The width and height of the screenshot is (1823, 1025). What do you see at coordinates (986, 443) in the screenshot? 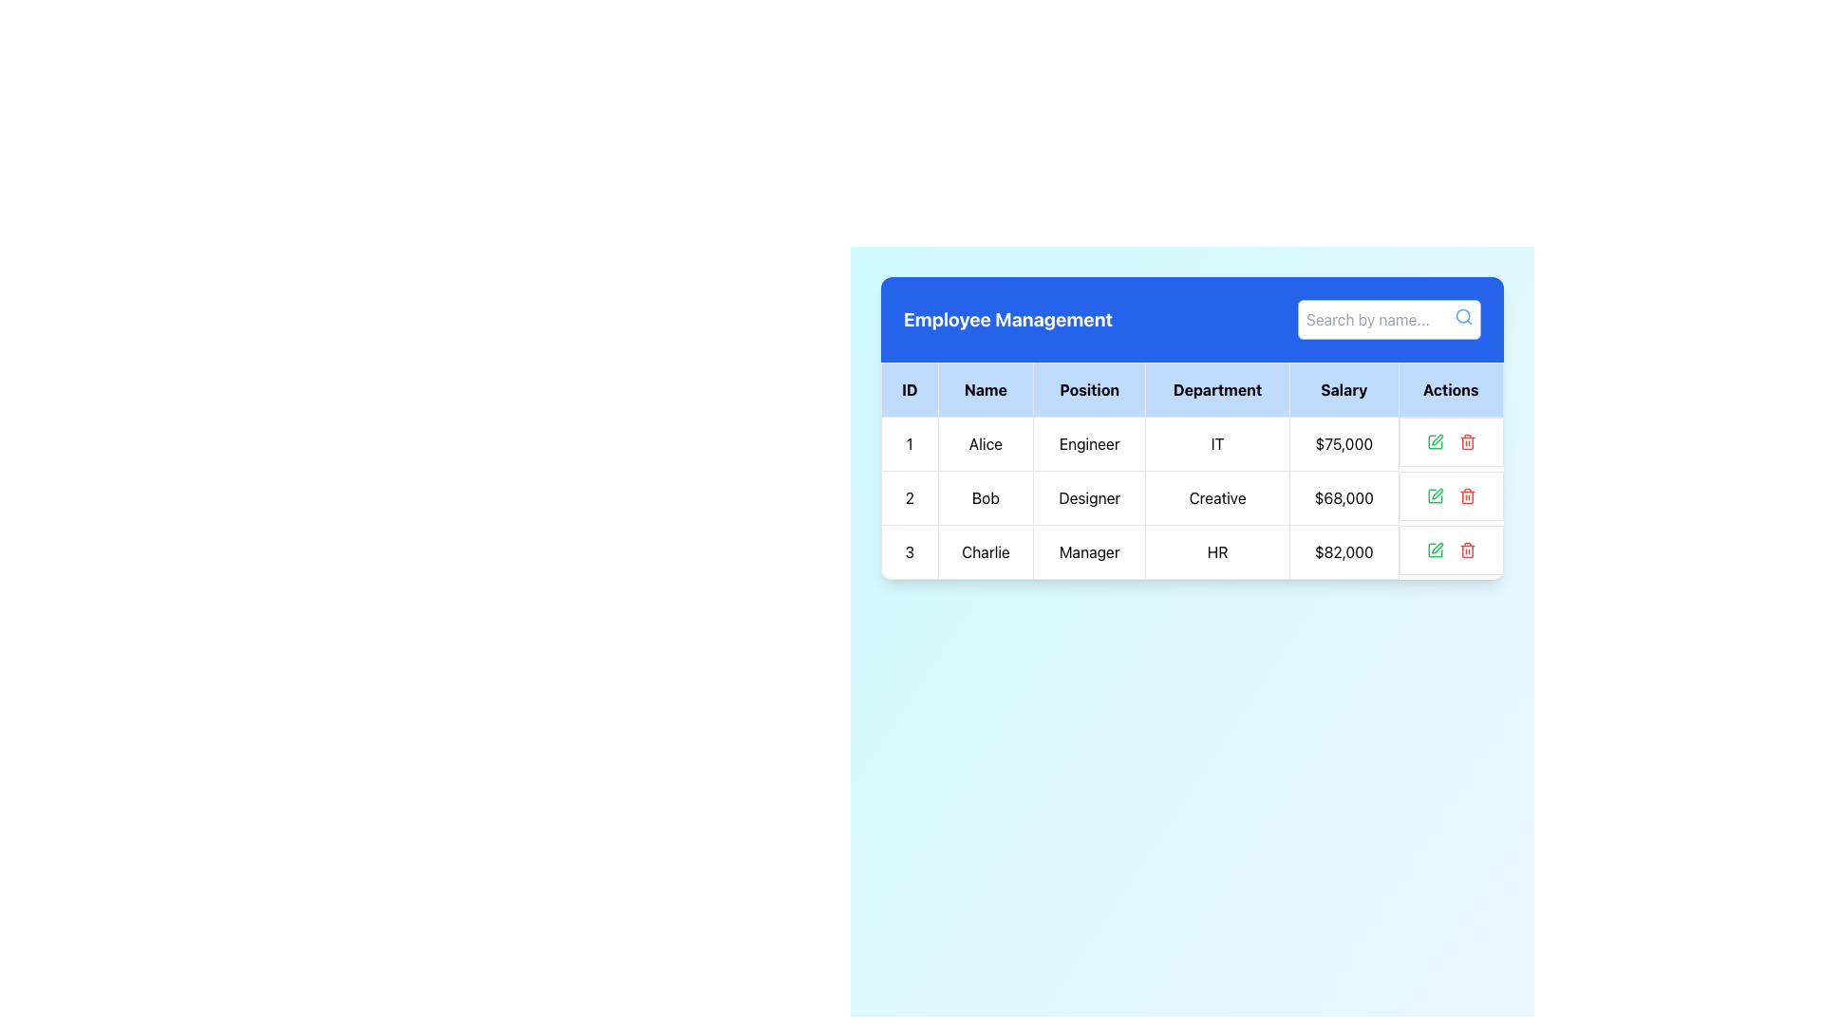
I see `the static text field displaying the name 'Alice' in the Employee Management interface, which is located in the second column of the first row of the table` at bounding box center [986, 443].